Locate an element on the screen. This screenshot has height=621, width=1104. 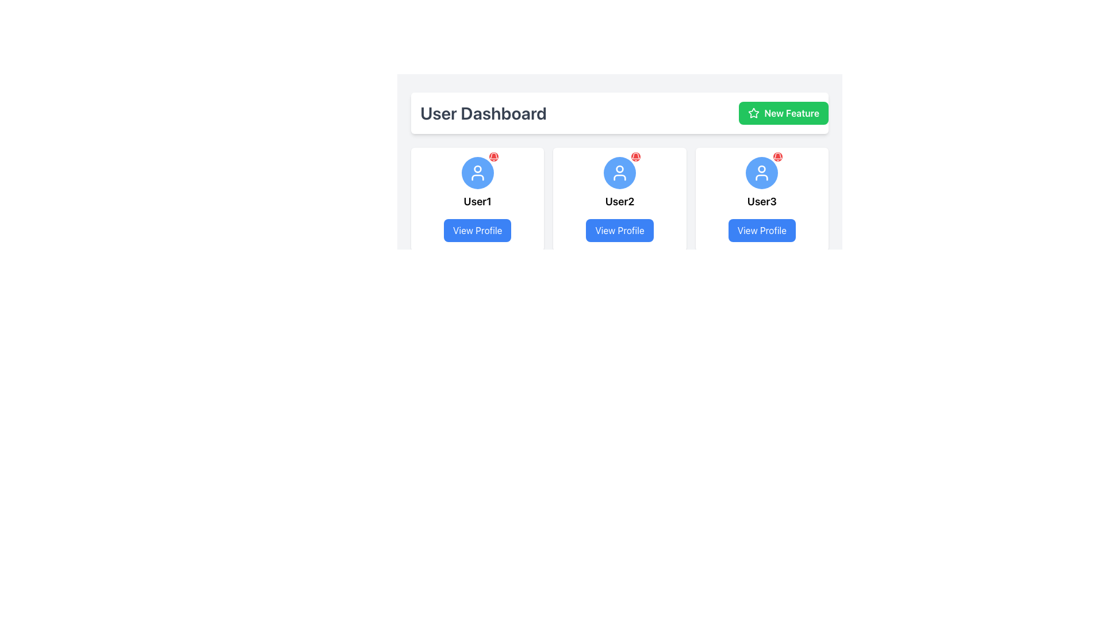
the text label identifying 'User3' is located at coordinates (762, 201).